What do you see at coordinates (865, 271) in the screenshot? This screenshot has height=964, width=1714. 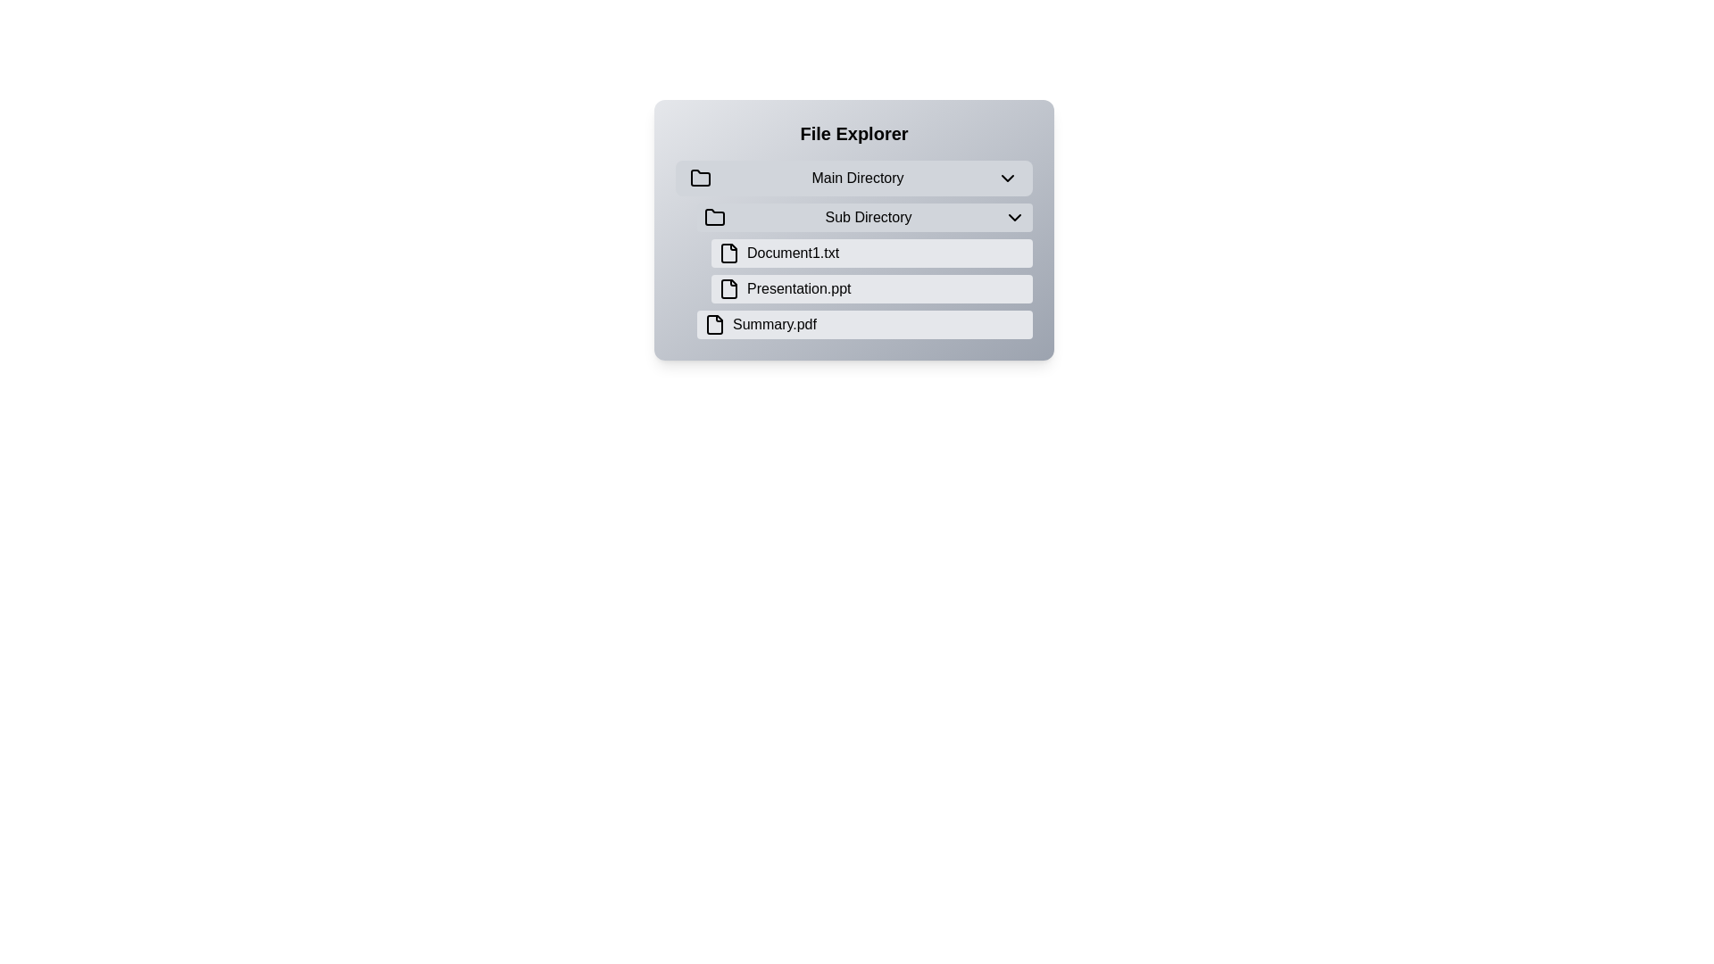 I see `the 'Document1.txt' file entry` at bounding box center [865, 271].